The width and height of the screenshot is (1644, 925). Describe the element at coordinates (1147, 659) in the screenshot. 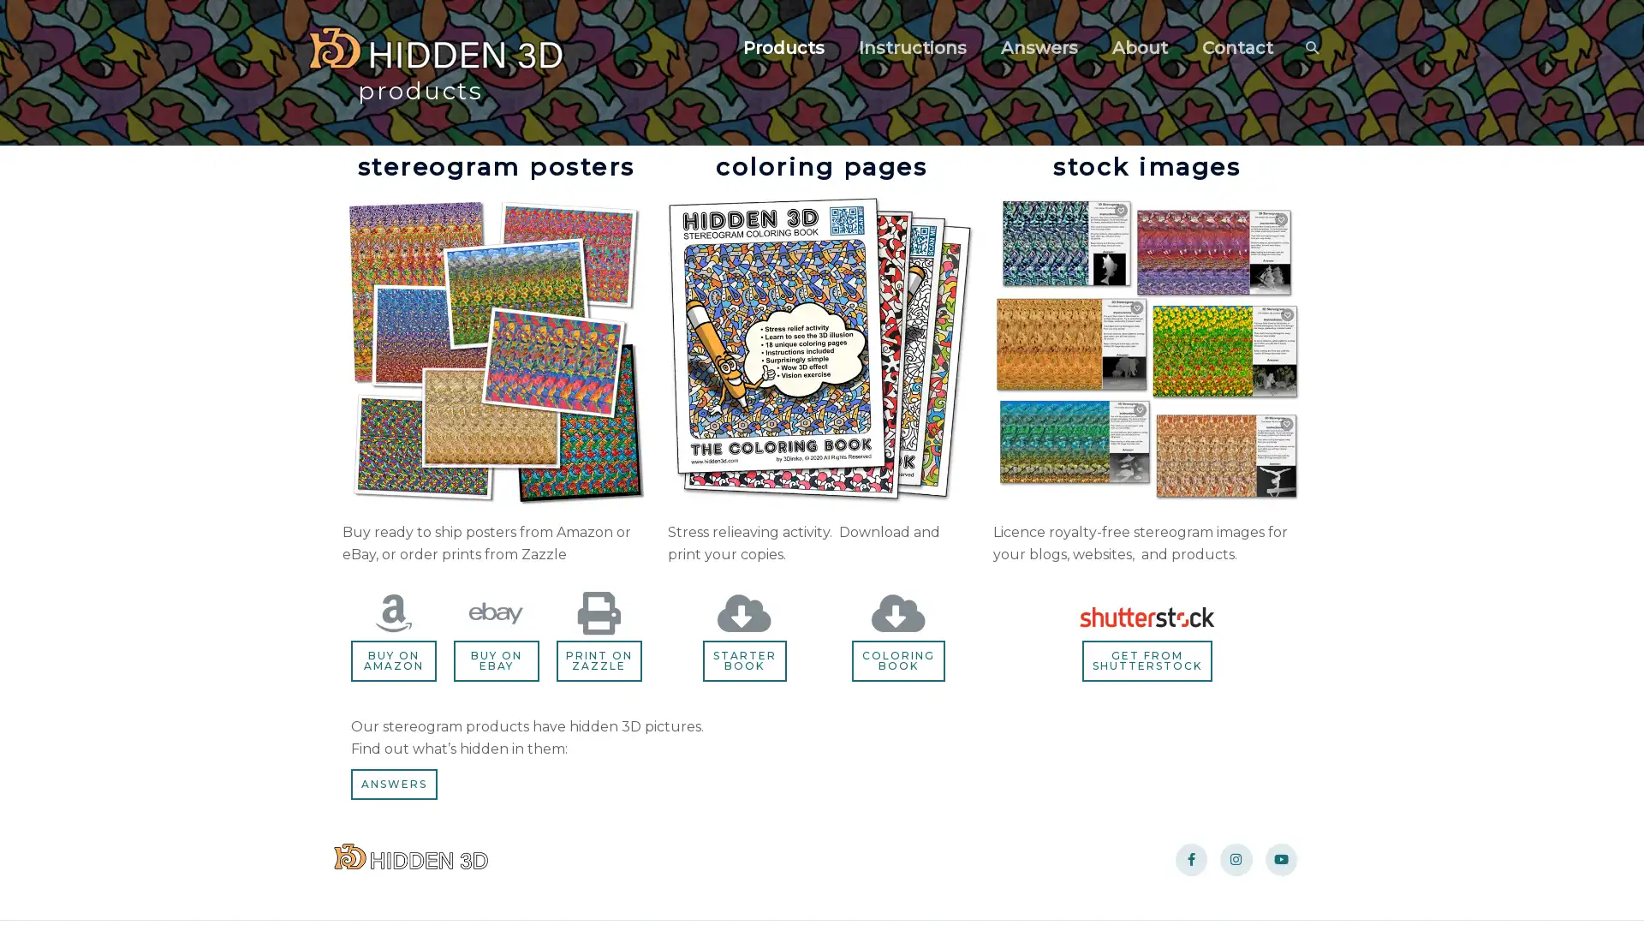

I see `GET FROM SHUTTERSTOCK` at that location.